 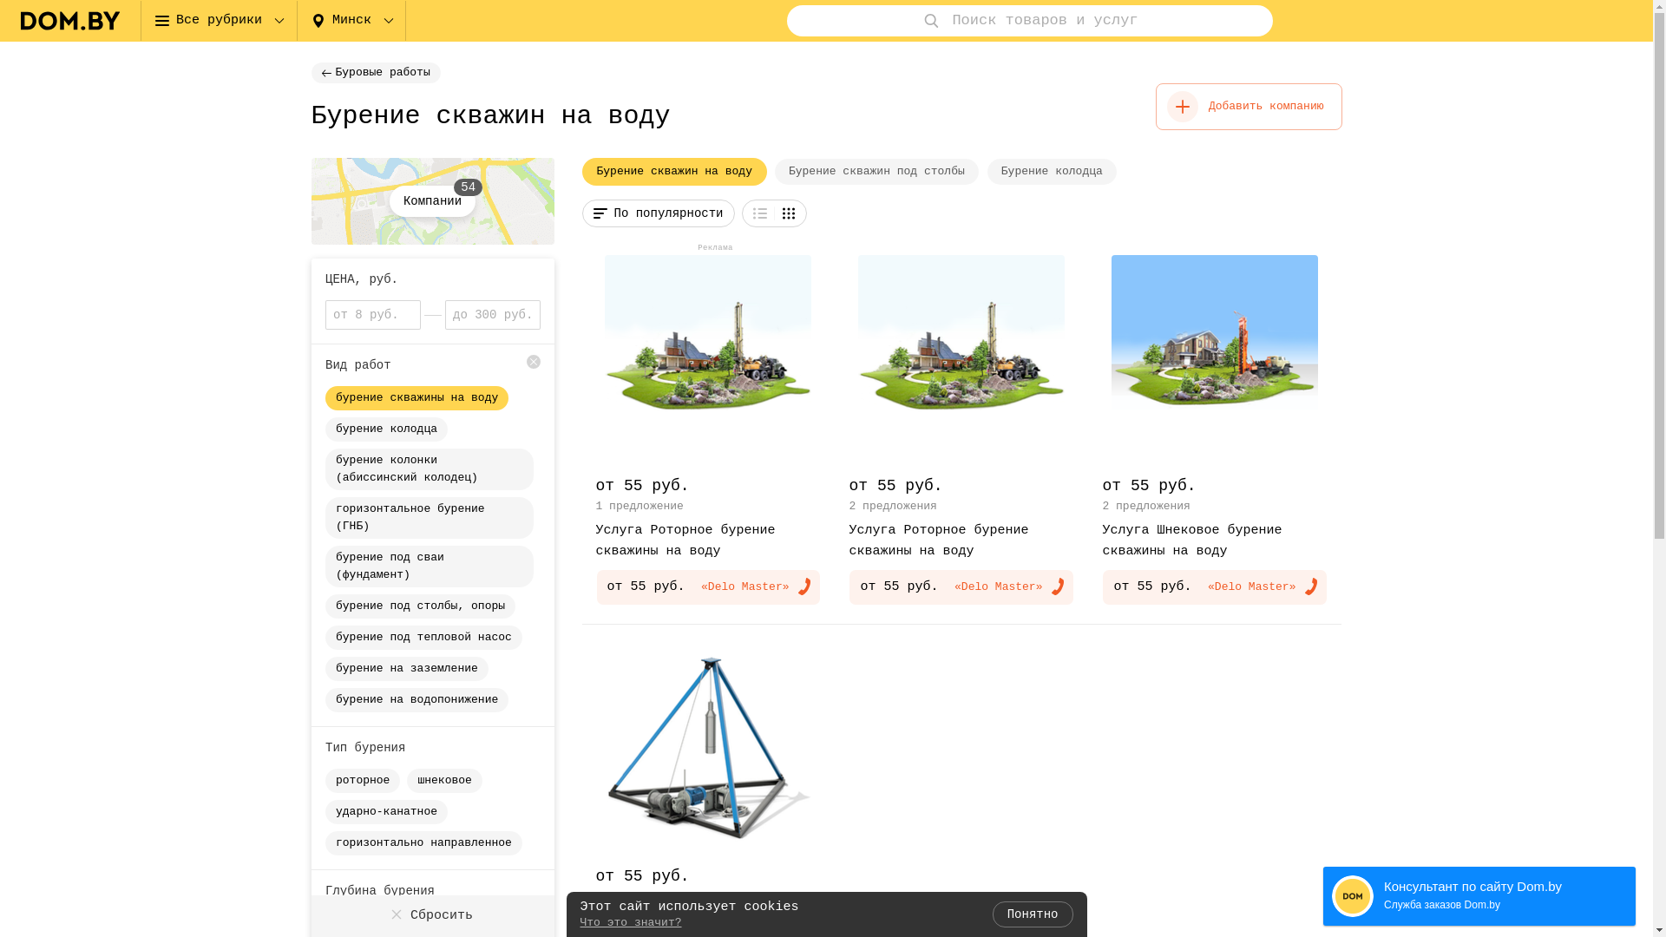 What do you see at coordinates (69, 20) in the screenshot?
I see `'logo'` at bounding box center [69, 20].